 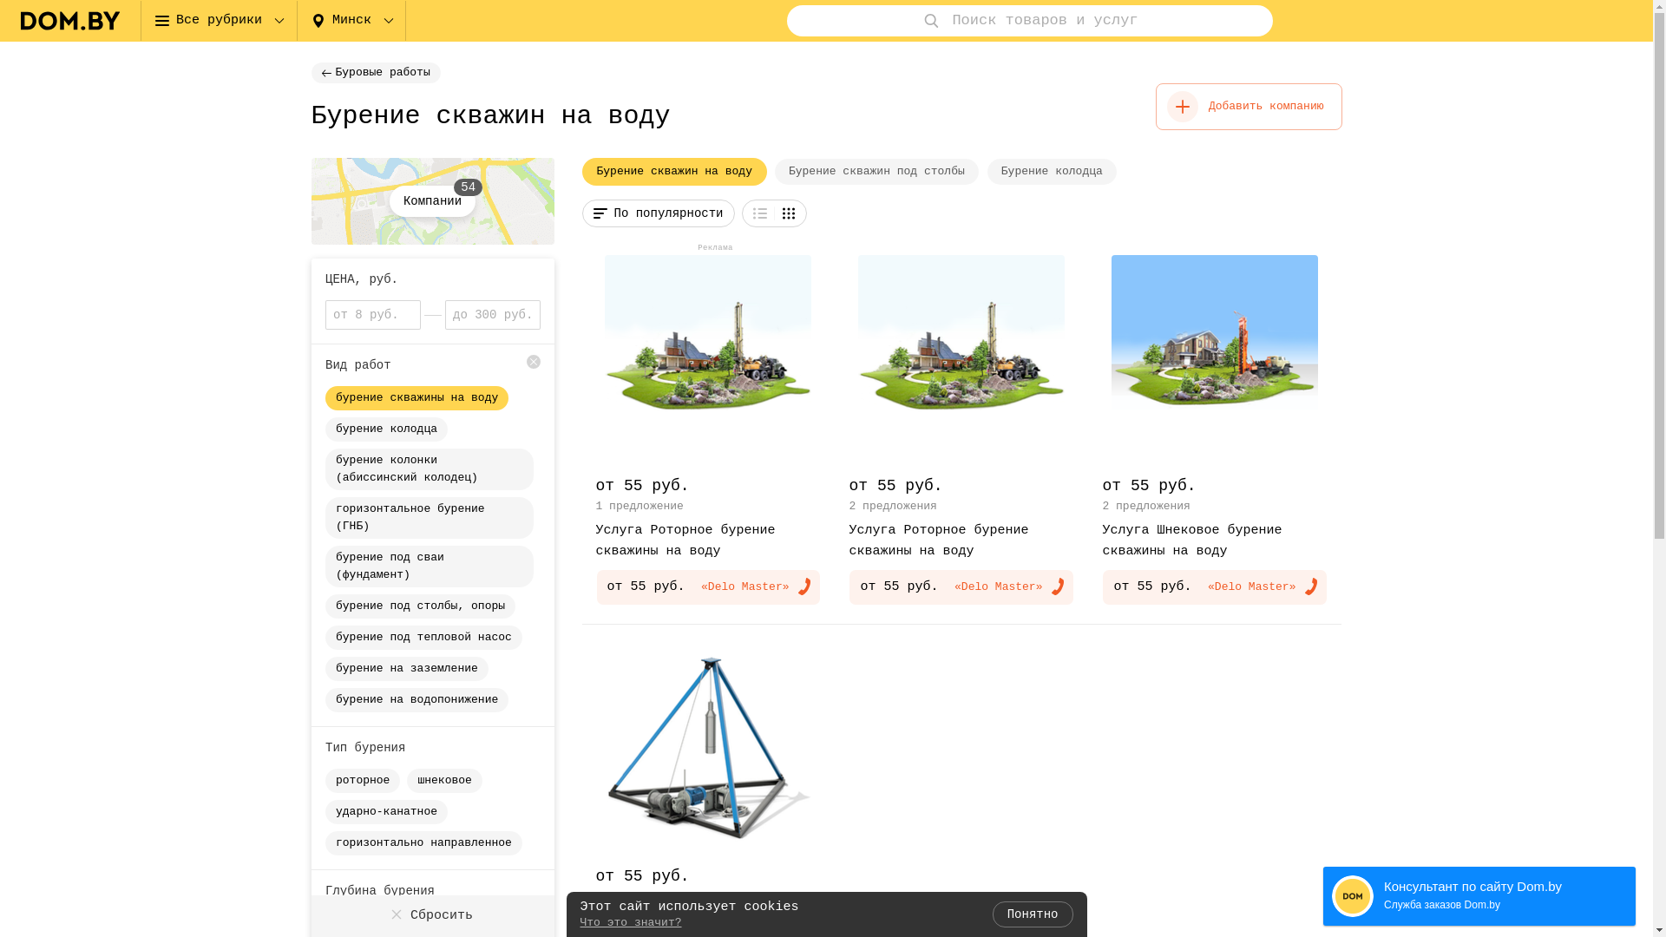 What do you see at coordinates (69, 20) in the screenshot?
I see `'logo'` at bounding box center [69, 20].